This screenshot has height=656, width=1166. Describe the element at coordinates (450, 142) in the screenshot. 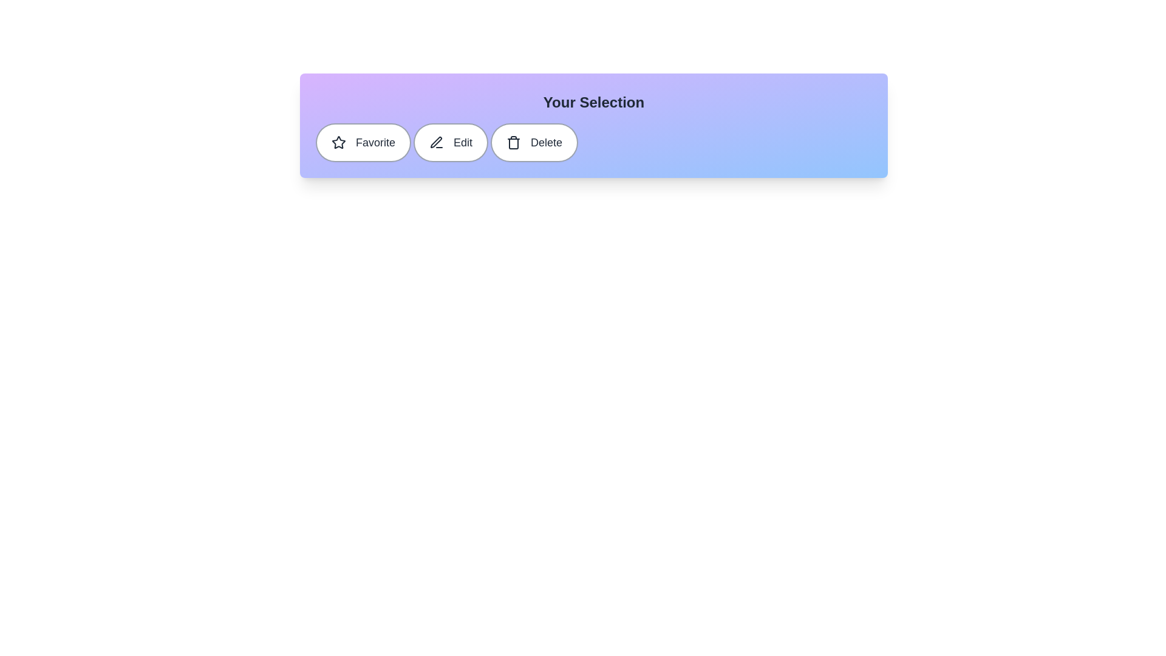

I see `the 'Edit' chip button to toggle its active state` at that location.